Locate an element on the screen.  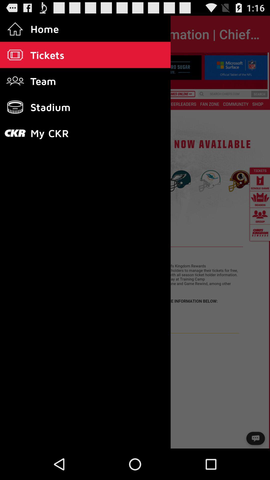
menu is located at coordinates (135, 250).